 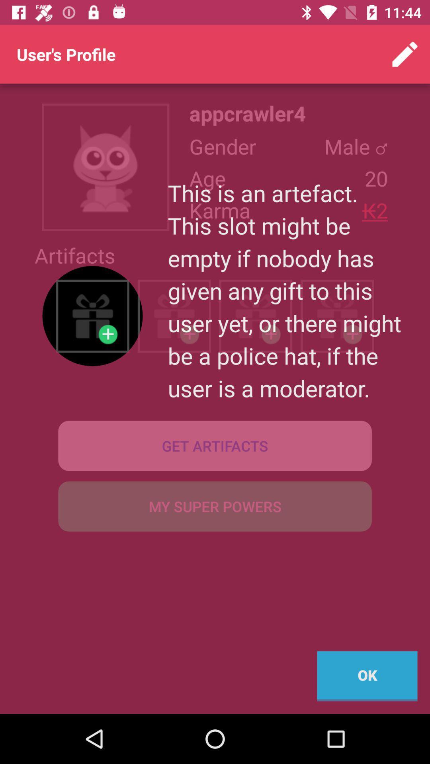 I want to click on the gift icon, so click(x=92, y=316).